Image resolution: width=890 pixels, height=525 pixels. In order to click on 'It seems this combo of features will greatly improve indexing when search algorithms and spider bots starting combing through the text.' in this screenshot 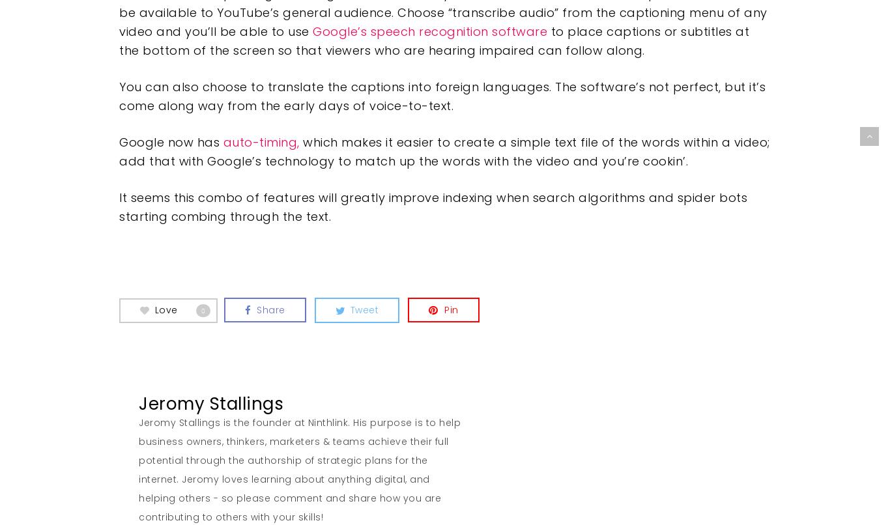, I will do `click(432, 206)`.